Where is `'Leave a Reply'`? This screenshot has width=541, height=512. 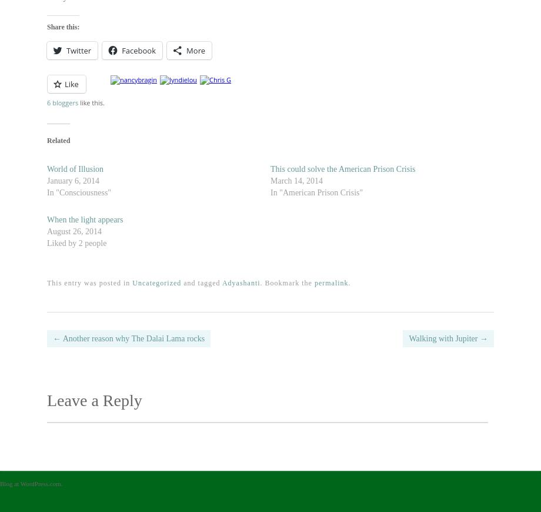 'Leave a Reply' is located at coordinates (93, 400).